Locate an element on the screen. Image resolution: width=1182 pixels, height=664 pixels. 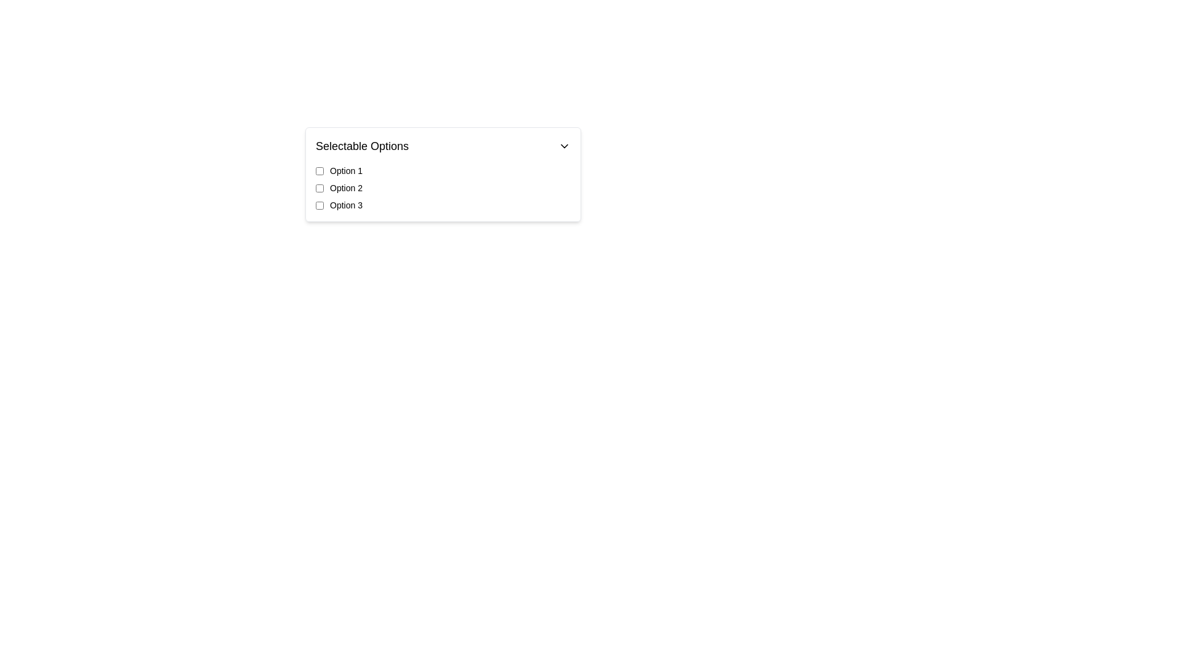
the selectable options list containing checkboxes is located at coordinates (533, 223).